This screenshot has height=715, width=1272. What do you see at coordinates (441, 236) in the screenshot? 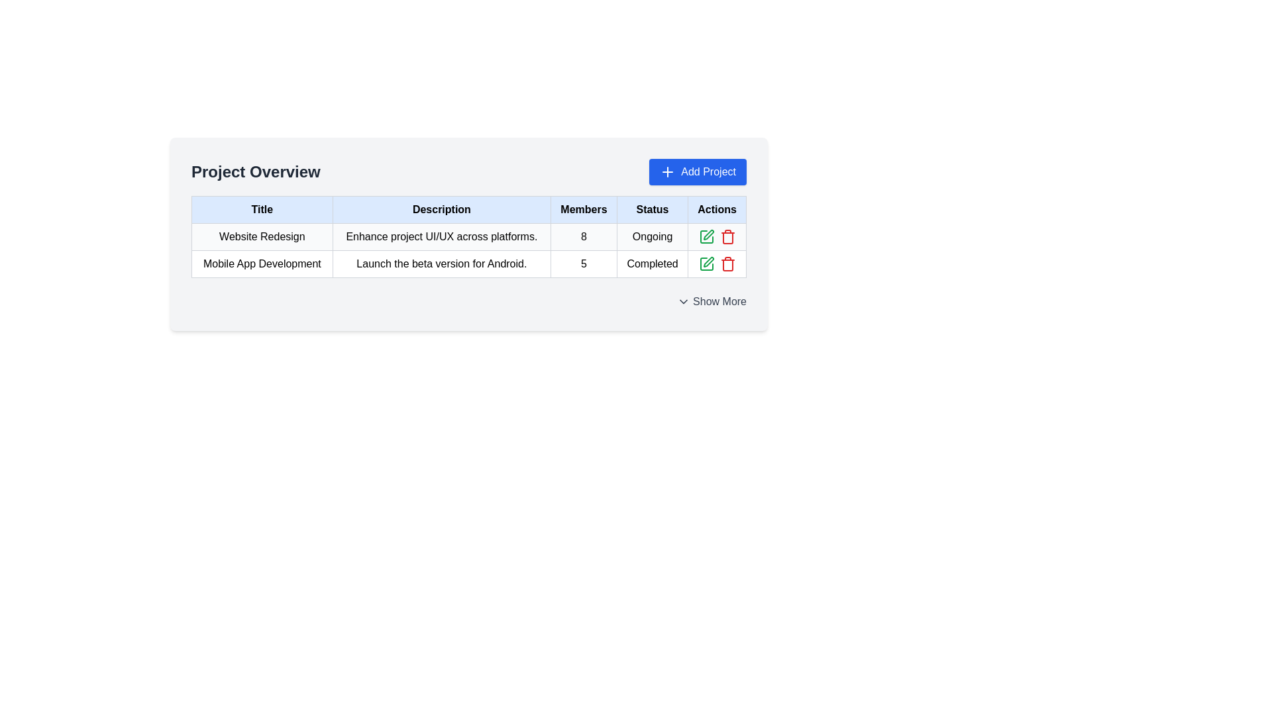
I see `information displayed in the text cell showing 'Enhance project UI/UX across platforms.' in the Description column of the grid layout` at bounding box center [441, 236].